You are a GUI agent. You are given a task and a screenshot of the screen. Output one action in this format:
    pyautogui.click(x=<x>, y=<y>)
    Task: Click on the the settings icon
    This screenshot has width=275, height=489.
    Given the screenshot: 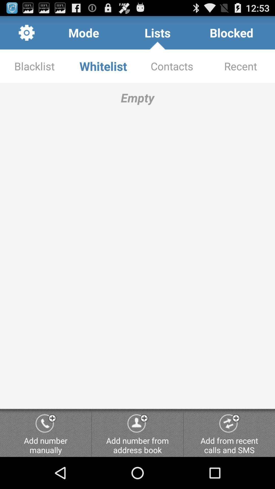 What is the action you would take?
    pyautogui.click(x=26, y=35)
    